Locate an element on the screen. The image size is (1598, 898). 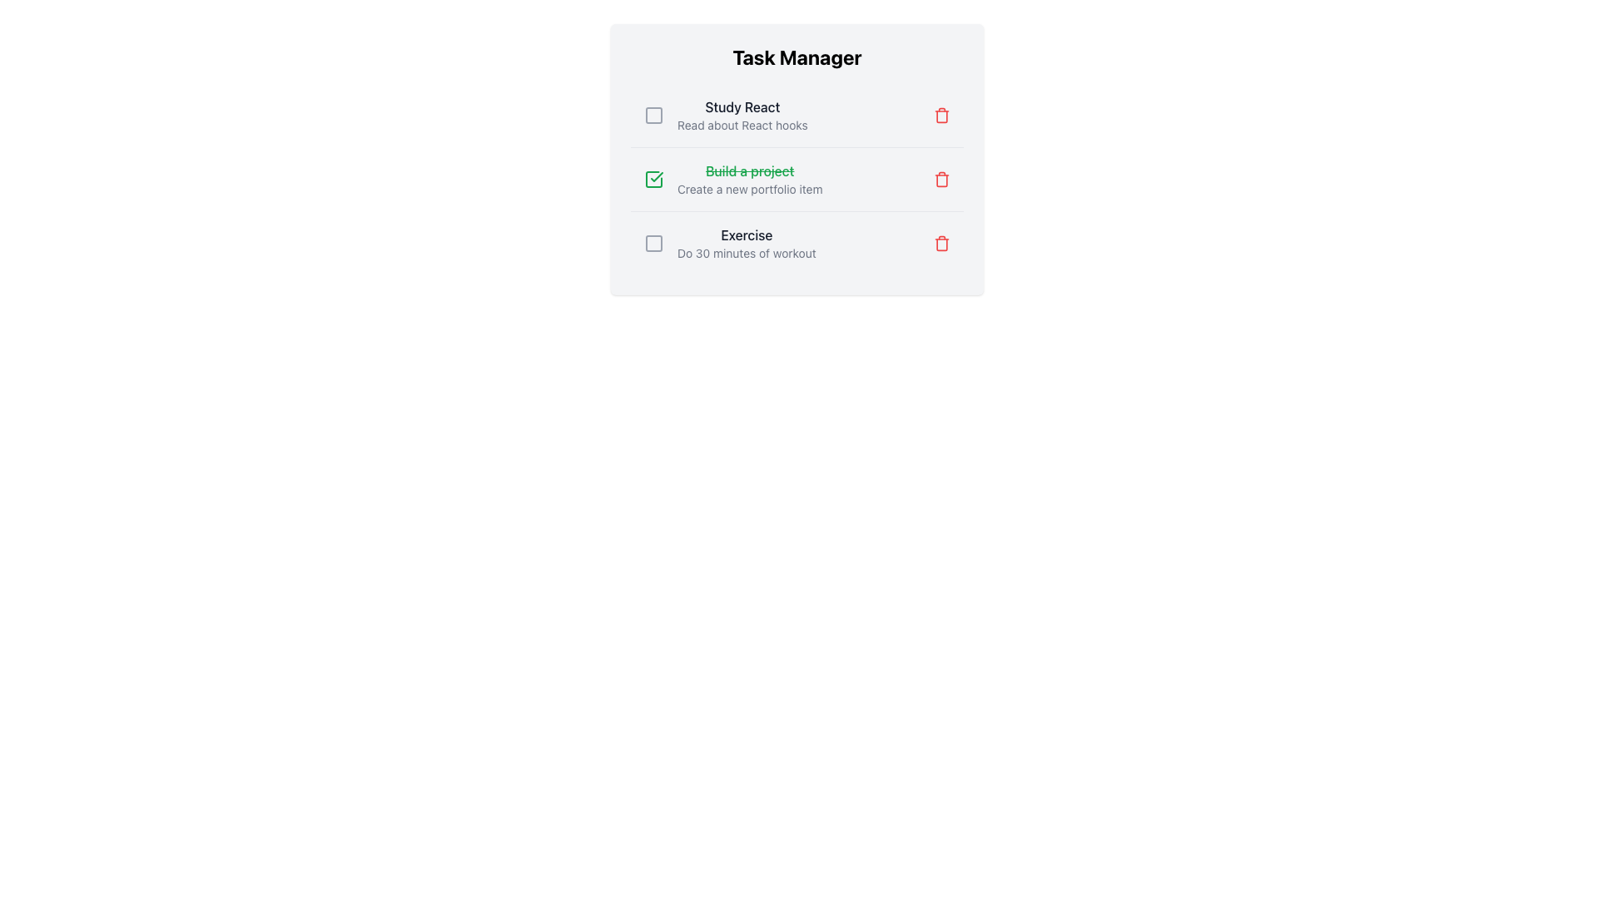
the checkbox used to mark the task 'Build a project' as completed is located at coordinates (653, 180).